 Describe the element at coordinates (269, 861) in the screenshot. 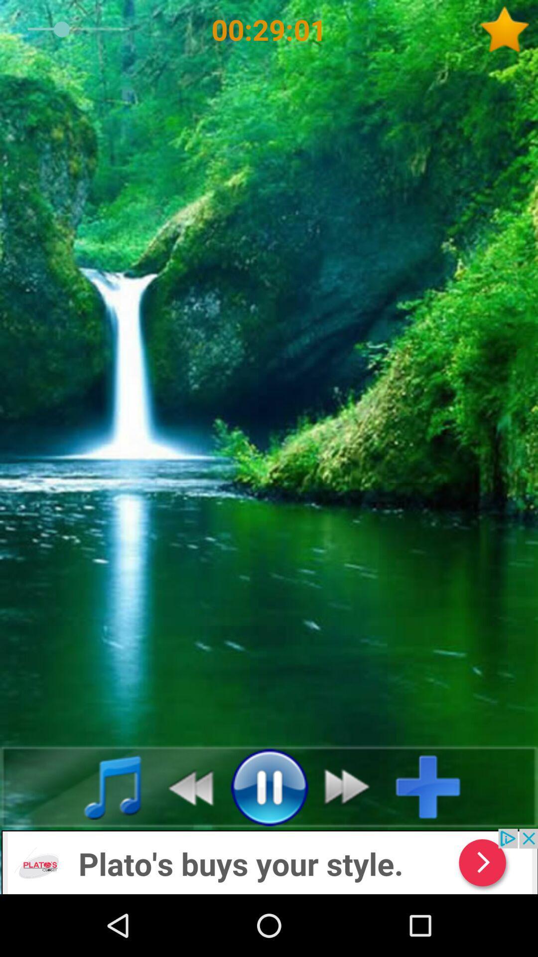

I see `advertisement bar` at that location.